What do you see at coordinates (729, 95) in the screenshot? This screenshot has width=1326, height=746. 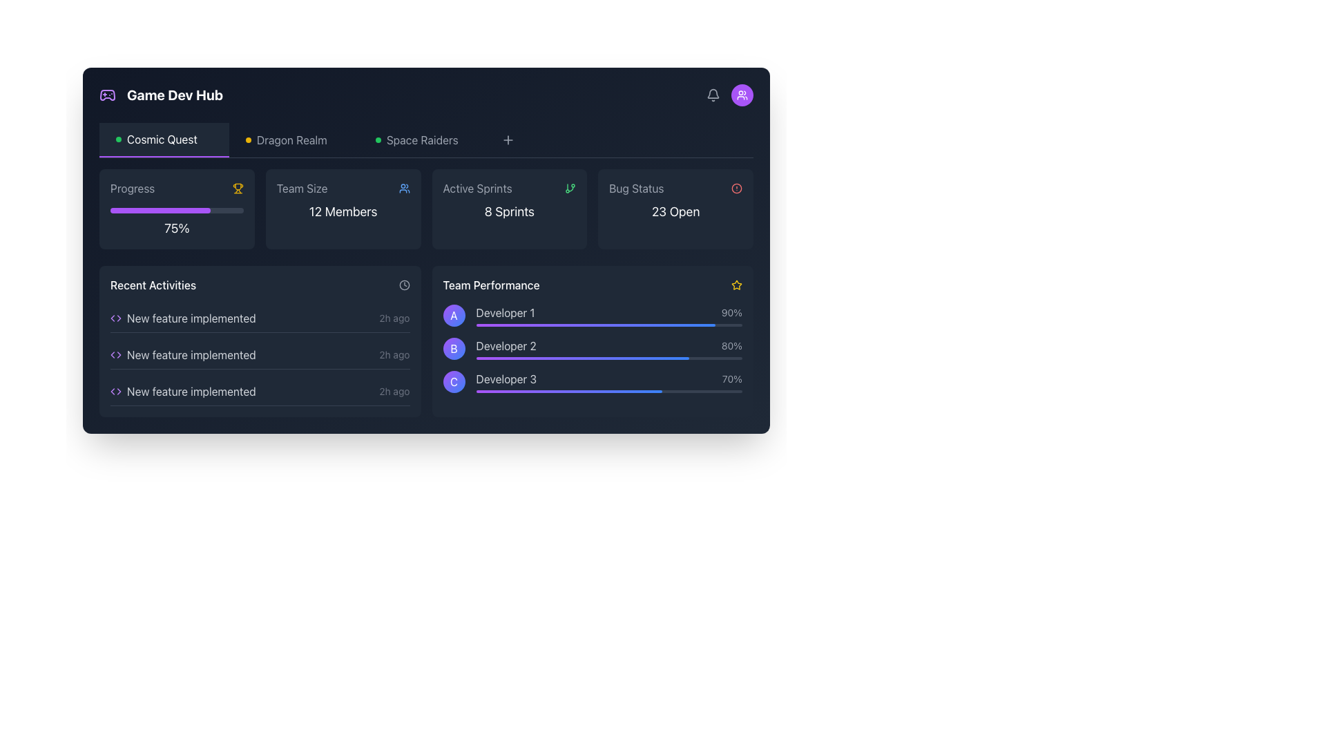 I see `the user profile button located as the second item from the right` at bounding box center [729, 95].